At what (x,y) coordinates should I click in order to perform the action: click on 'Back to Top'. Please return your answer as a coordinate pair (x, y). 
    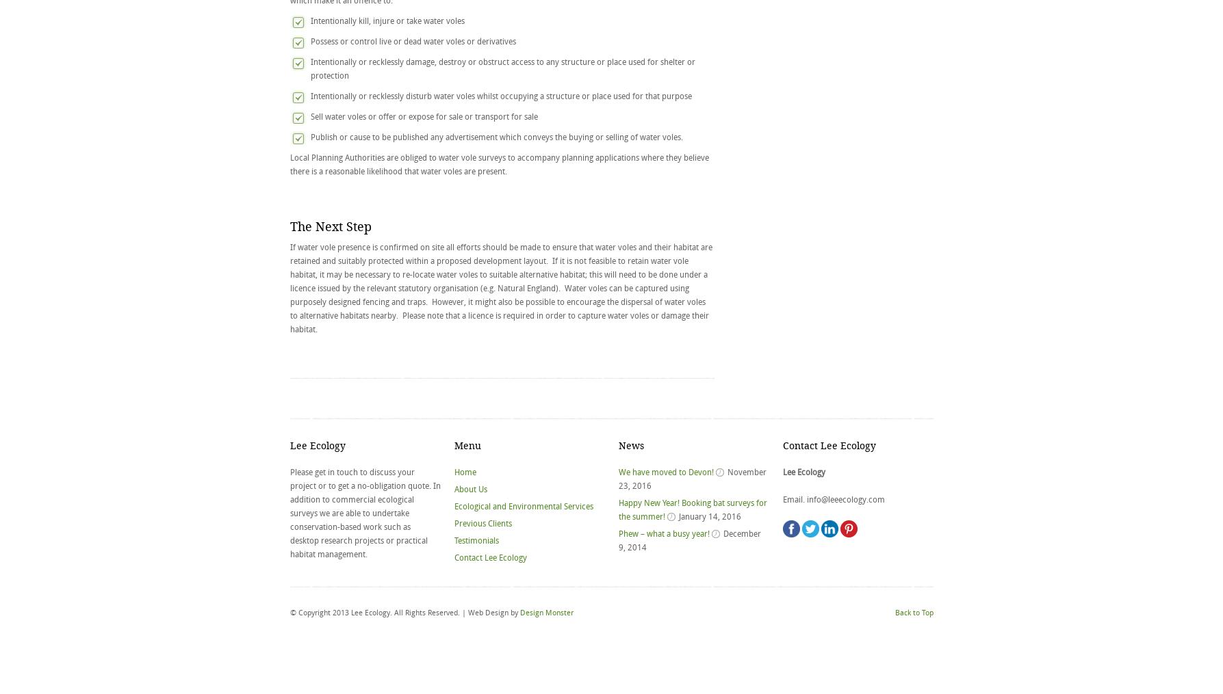
    Looking at the image, I should click on (913, 612).